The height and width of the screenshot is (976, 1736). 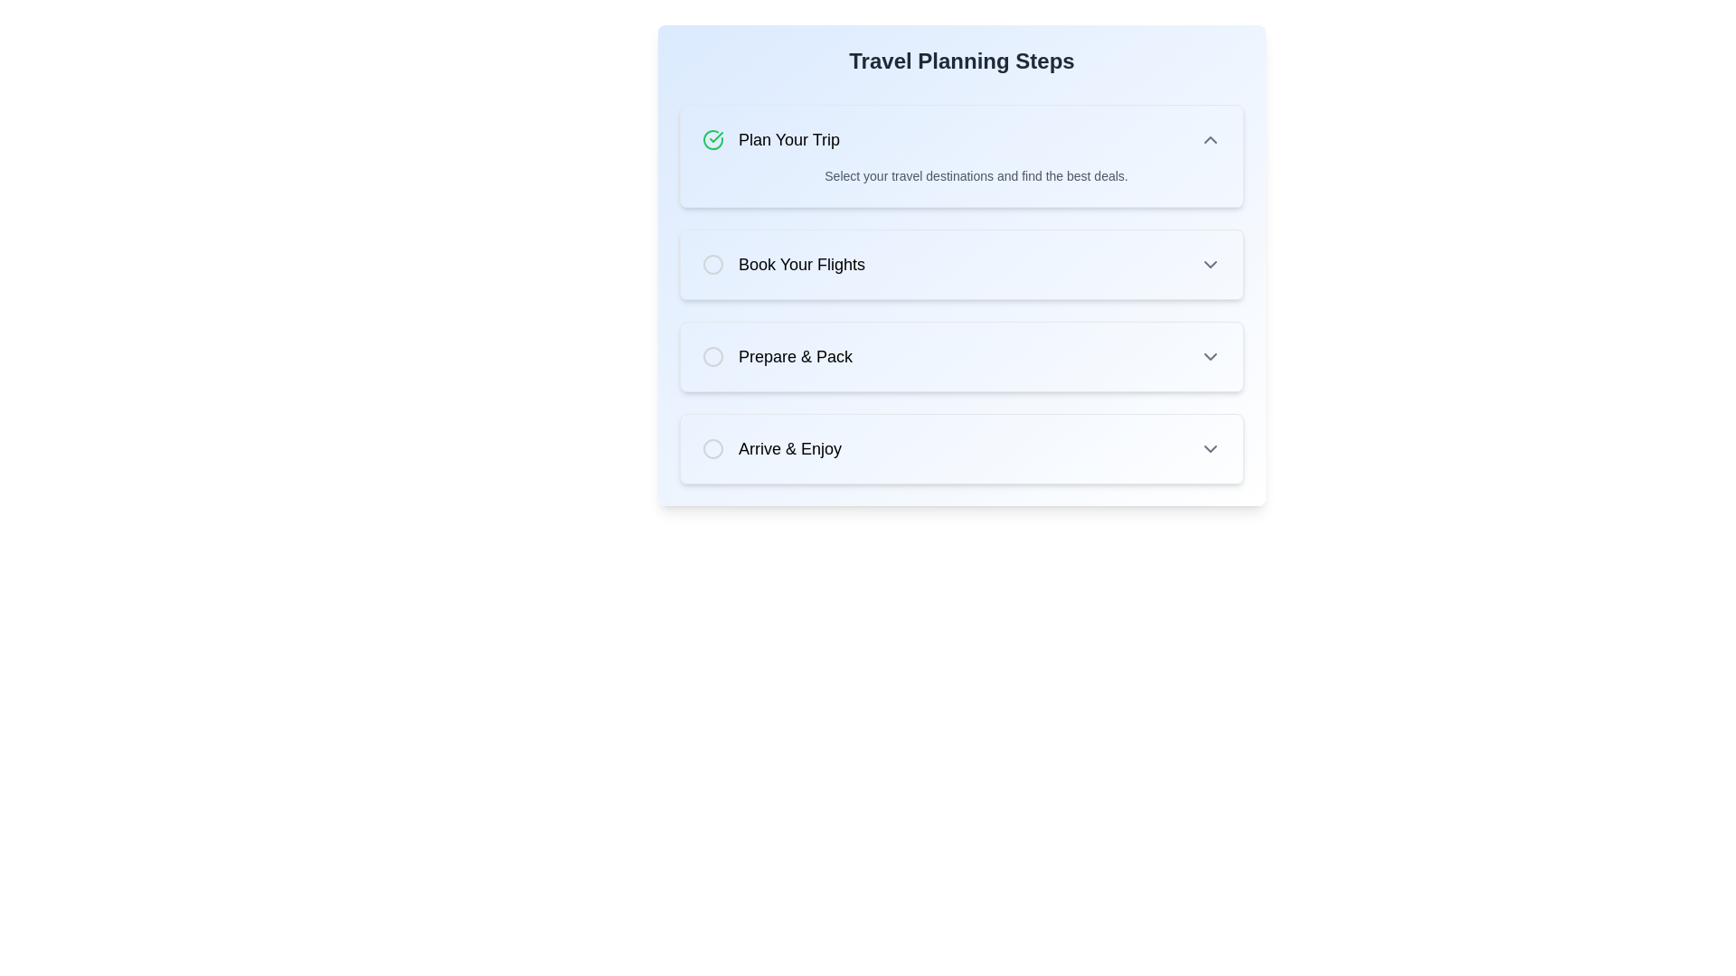 What do you see at coordinates (961, 356) in the screenshot?
I see `the third item in the 'Travel Planning Steps' list` at bounding box center [961, 356].